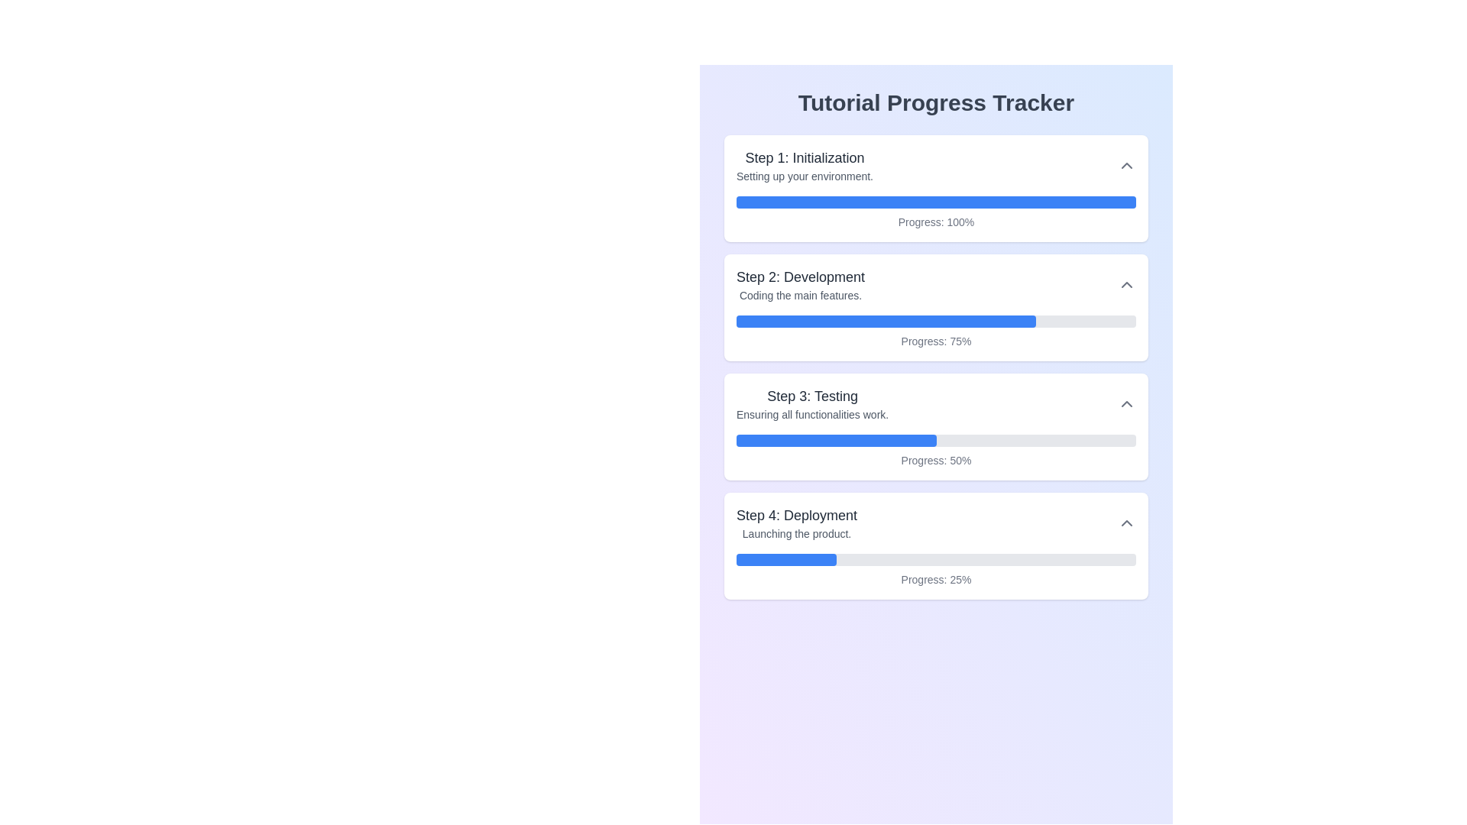 Image resolution: width=1467 pixels, height=825 pixels. What do you see at coordinates (935, 202) in the screenshot?
I see `the first progress bar in the card labeled 'Step 1: Initialization', which is fully filled and shows 'Progress: 100%' underneath` at bounding box center [935, 202].